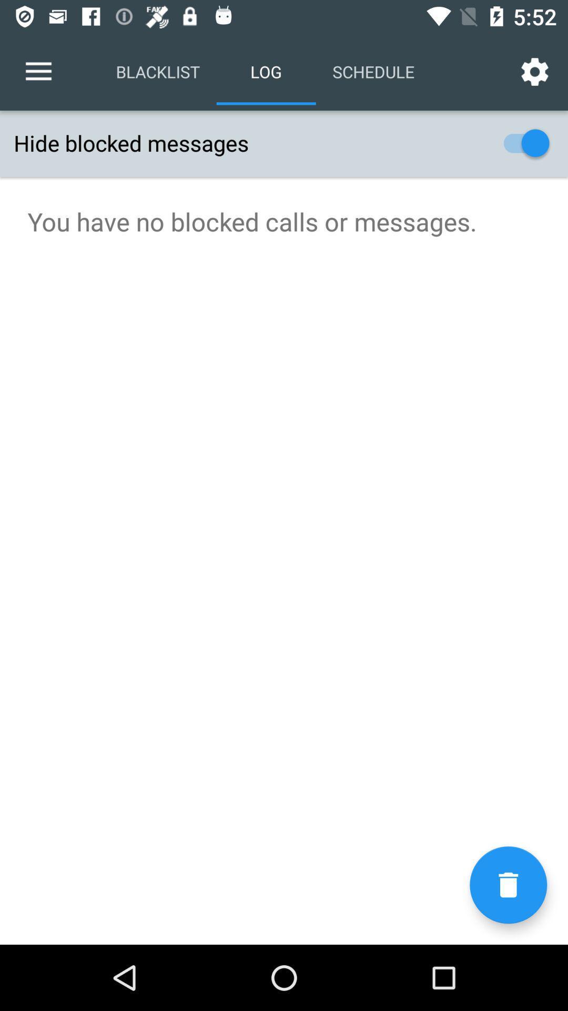  What do you see at coordinates (38, 71) in the screenshot?
I see `item to the left of blacklist item` at bounding box center [38, 71].